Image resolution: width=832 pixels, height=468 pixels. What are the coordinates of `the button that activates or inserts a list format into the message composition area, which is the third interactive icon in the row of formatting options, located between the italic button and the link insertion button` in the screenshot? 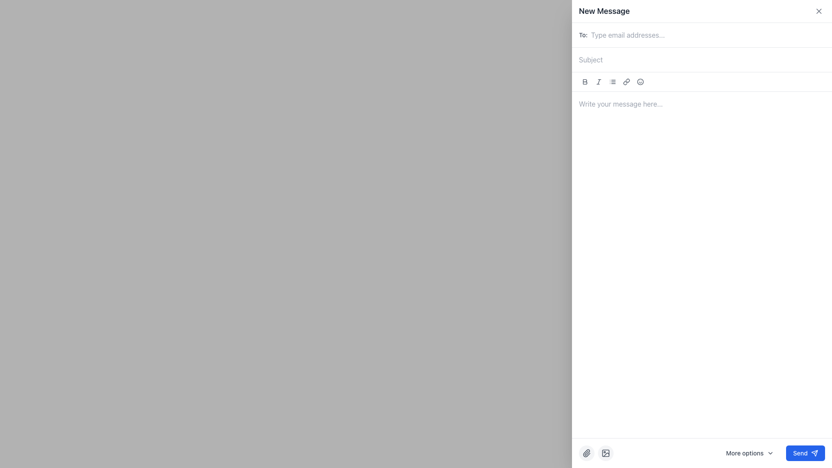 It's located at (612, 82).